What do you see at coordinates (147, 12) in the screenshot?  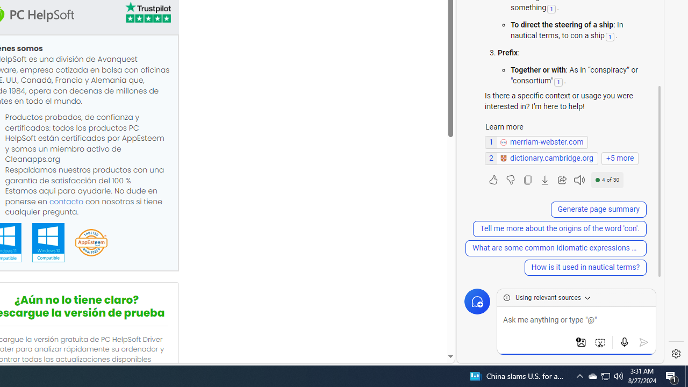 I see `'TrustPilot'` at bounding box center [147, 12].